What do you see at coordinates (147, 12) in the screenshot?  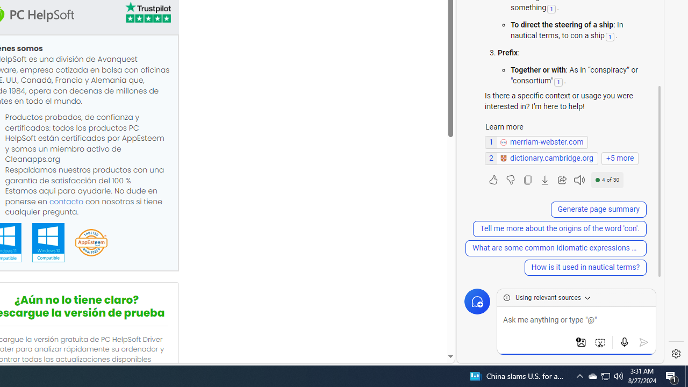 I see `'TrustPilot'` at bounding box center [147, 12].